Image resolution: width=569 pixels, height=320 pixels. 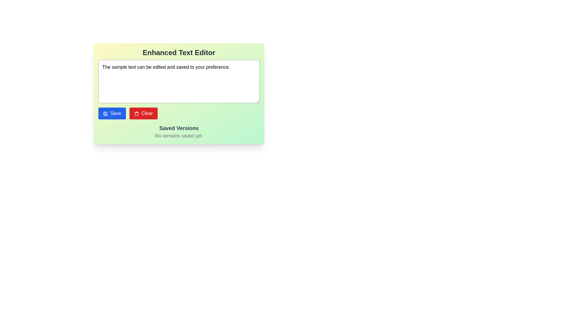 I want to click on the static text element displaying 'Enhanced Text Editor' in bold and large grayish font, located at the top of the form-like interface, so click(x=179, y=52).